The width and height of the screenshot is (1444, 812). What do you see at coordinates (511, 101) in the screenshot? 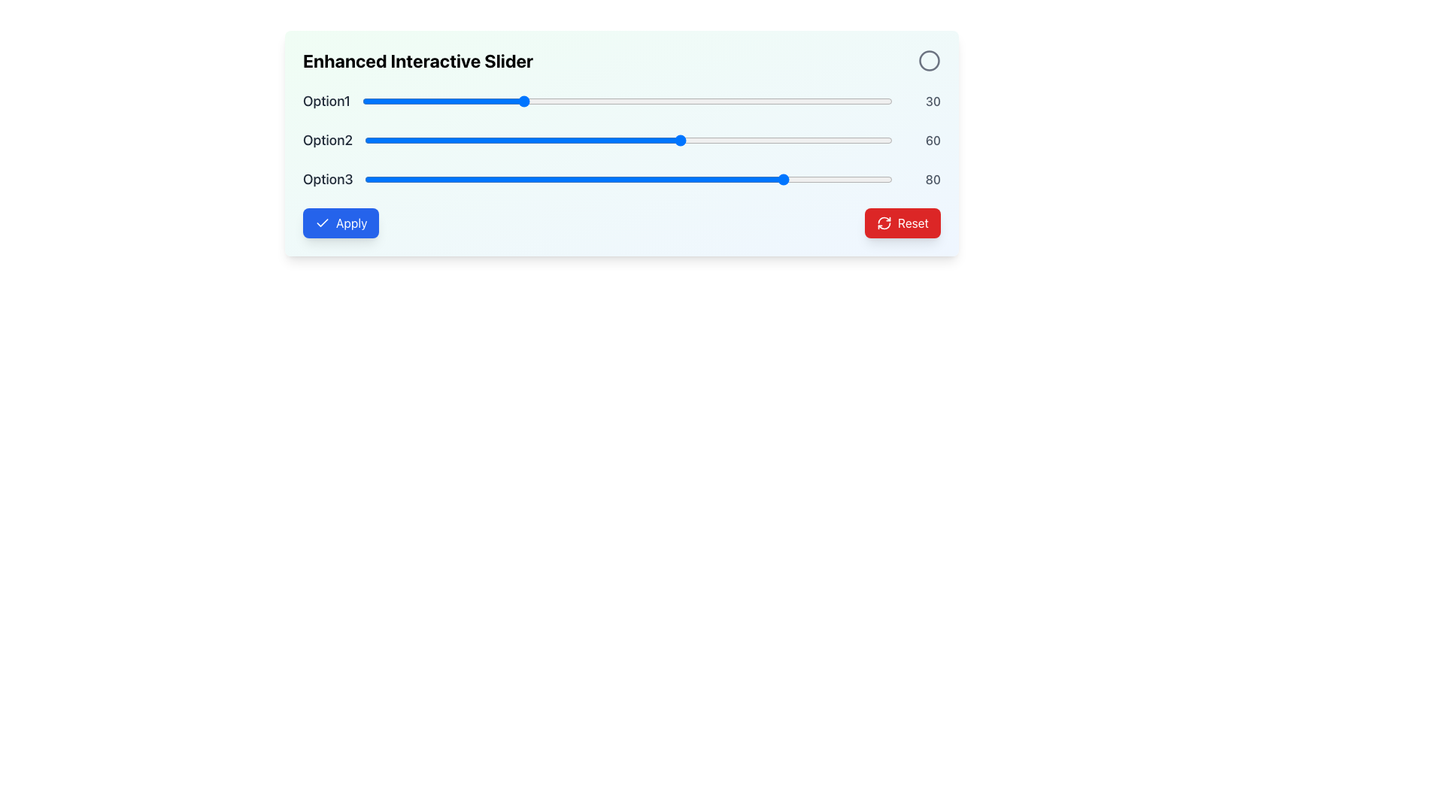
I see `the slider` at bounding box center [511, 101].